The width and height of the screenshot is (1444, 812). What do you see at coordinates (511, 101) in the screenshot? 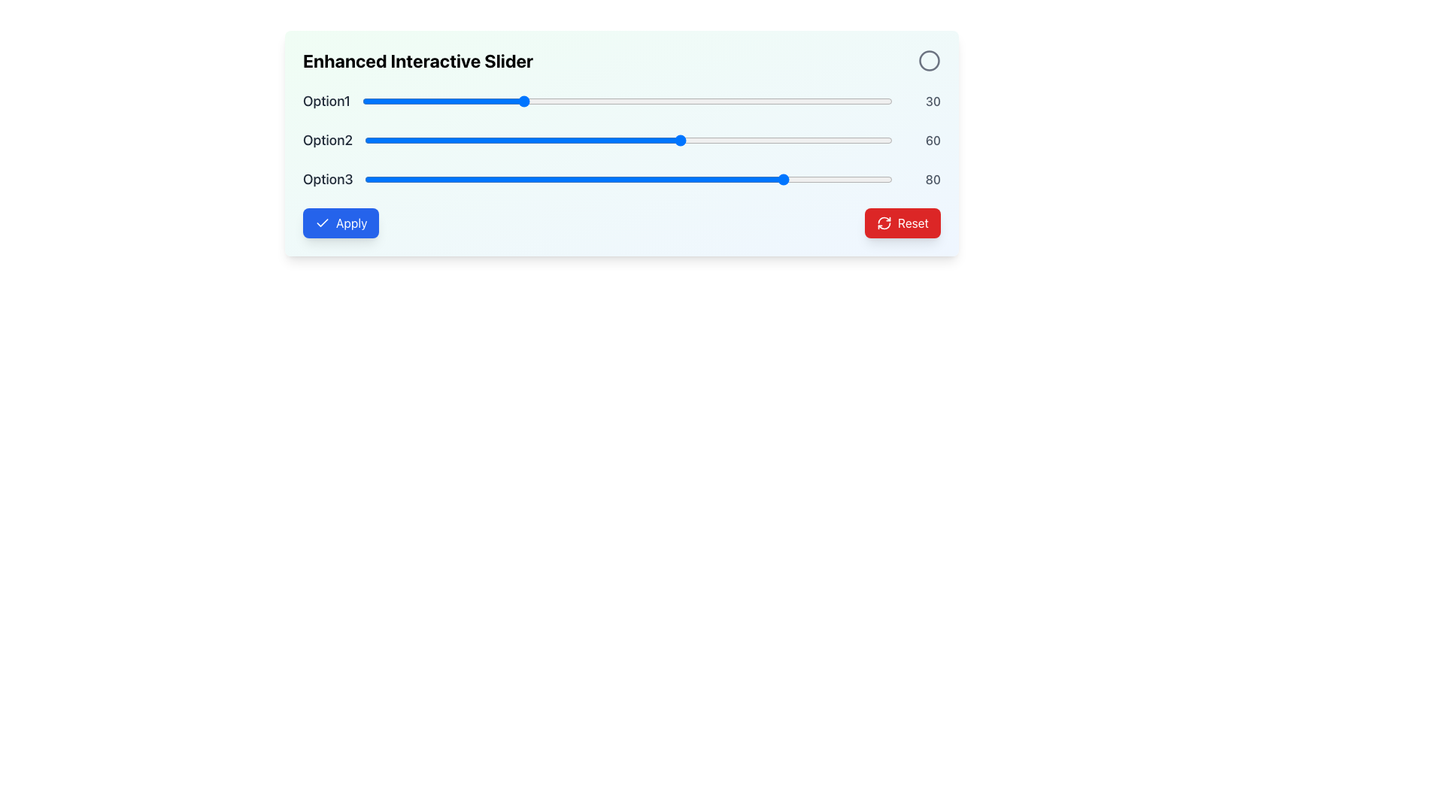
I see `the slider` at bounding box center [511, 101].